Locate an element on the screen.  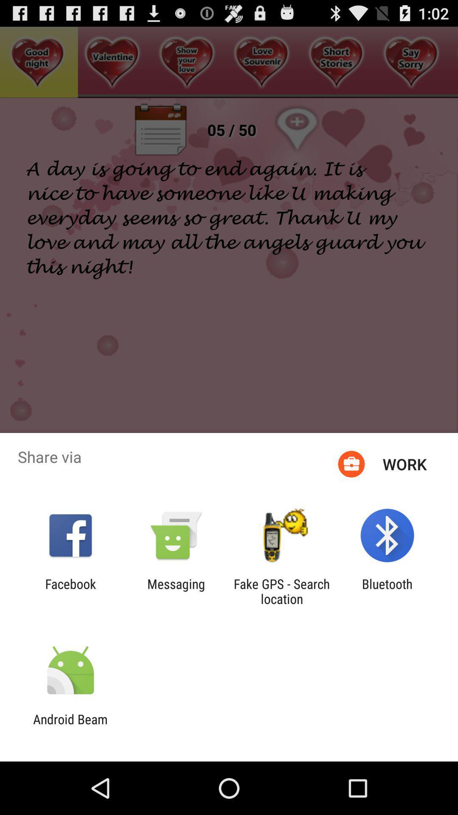
the icon next to the messaging icon is located at coordinates (282, 591).